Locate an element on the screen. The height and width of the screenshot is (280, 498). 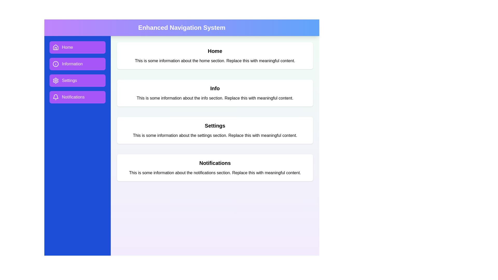
the 'Information' navigation button in the sidebar is located at coordinates (77, 72).